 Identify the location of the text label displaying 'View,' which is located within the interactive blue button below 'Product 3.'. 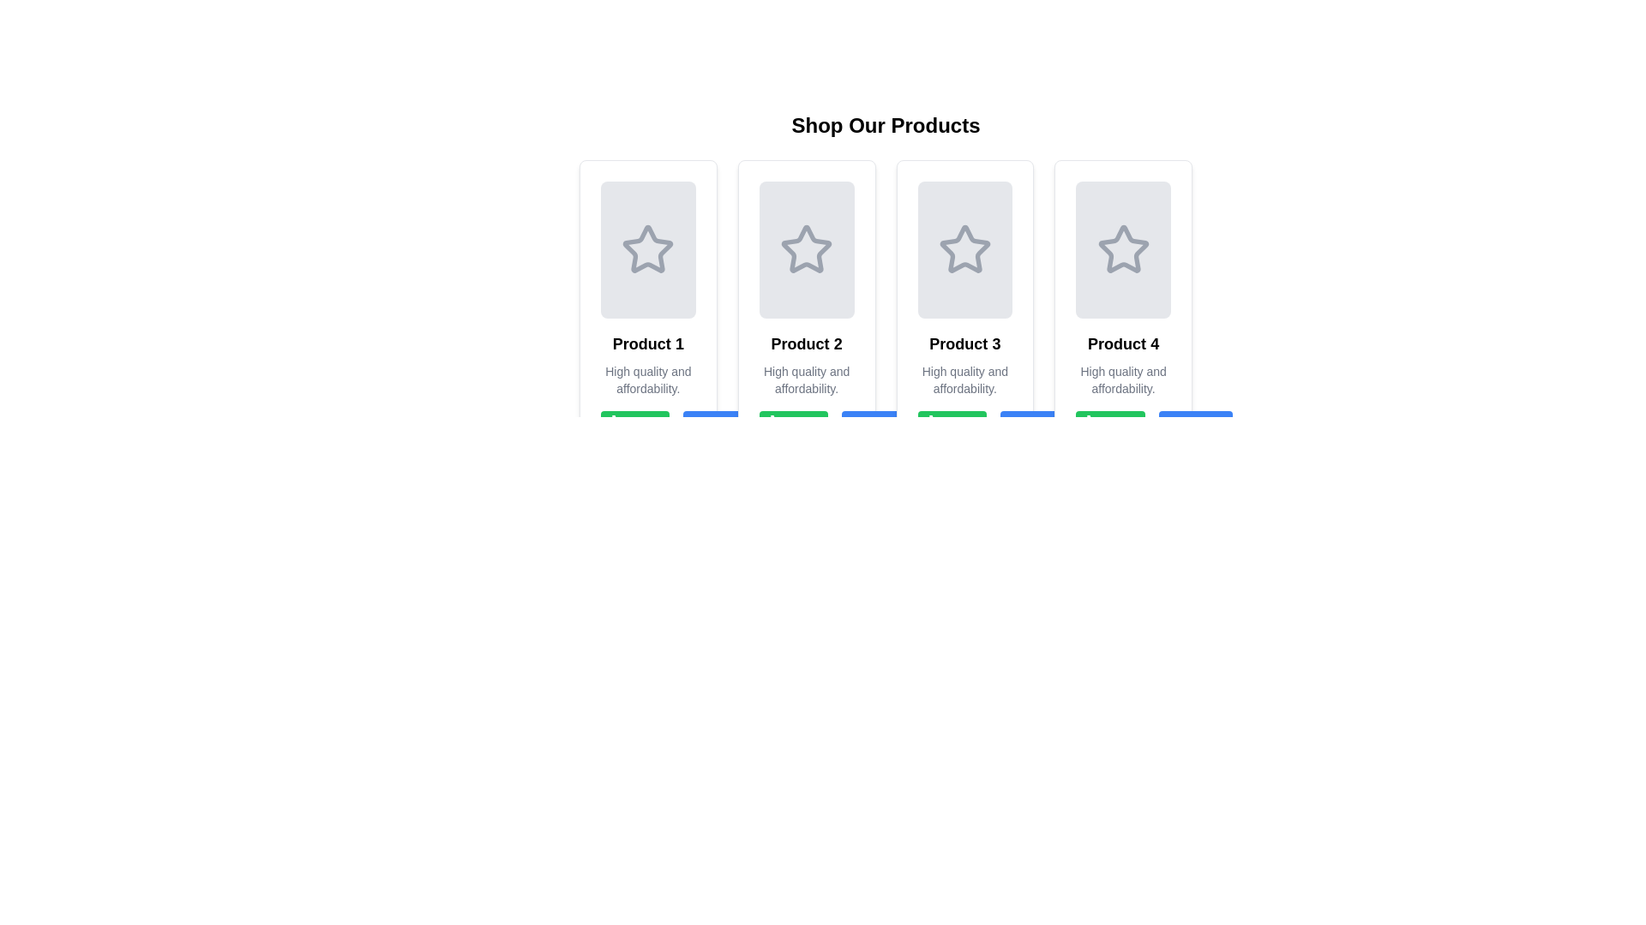
(891, 424).